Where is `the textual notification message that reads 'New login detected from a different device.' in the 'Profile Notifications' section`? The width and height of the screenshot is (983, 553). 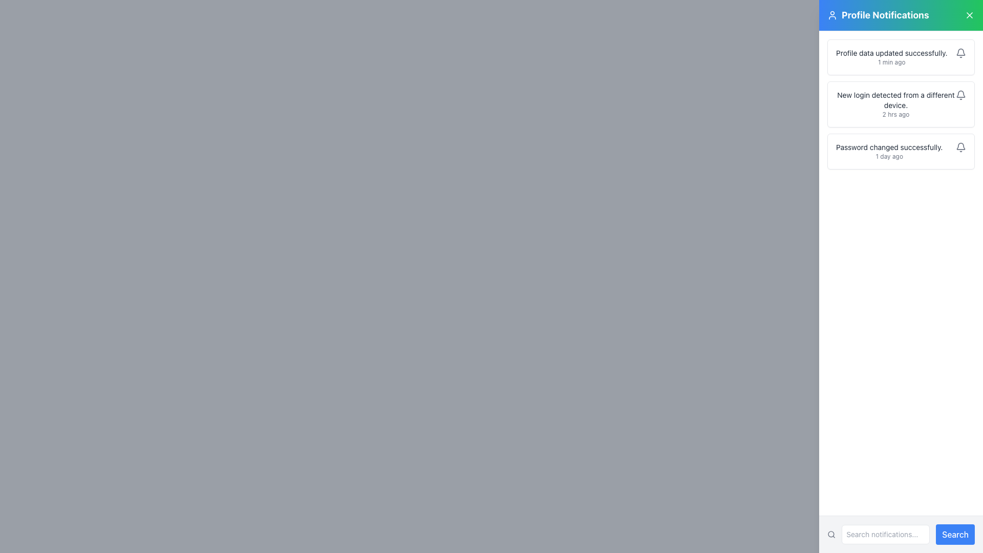
the textual notification message that reads 'New login detected from a different device.' in the 'Profile Notifications' section is located at coordinates (895, 100).